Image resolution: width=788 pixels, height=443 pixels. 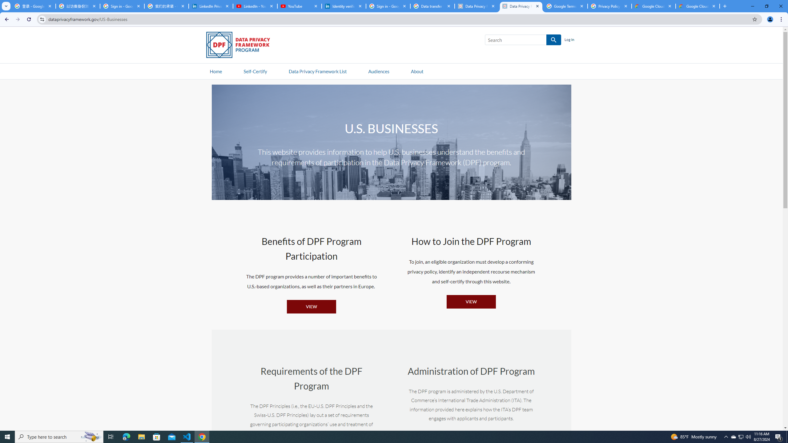 What do you see at coordinates (522, 41) in the screenshot?
I see `'Search SEARCH'` at bounding box center [522, 41].